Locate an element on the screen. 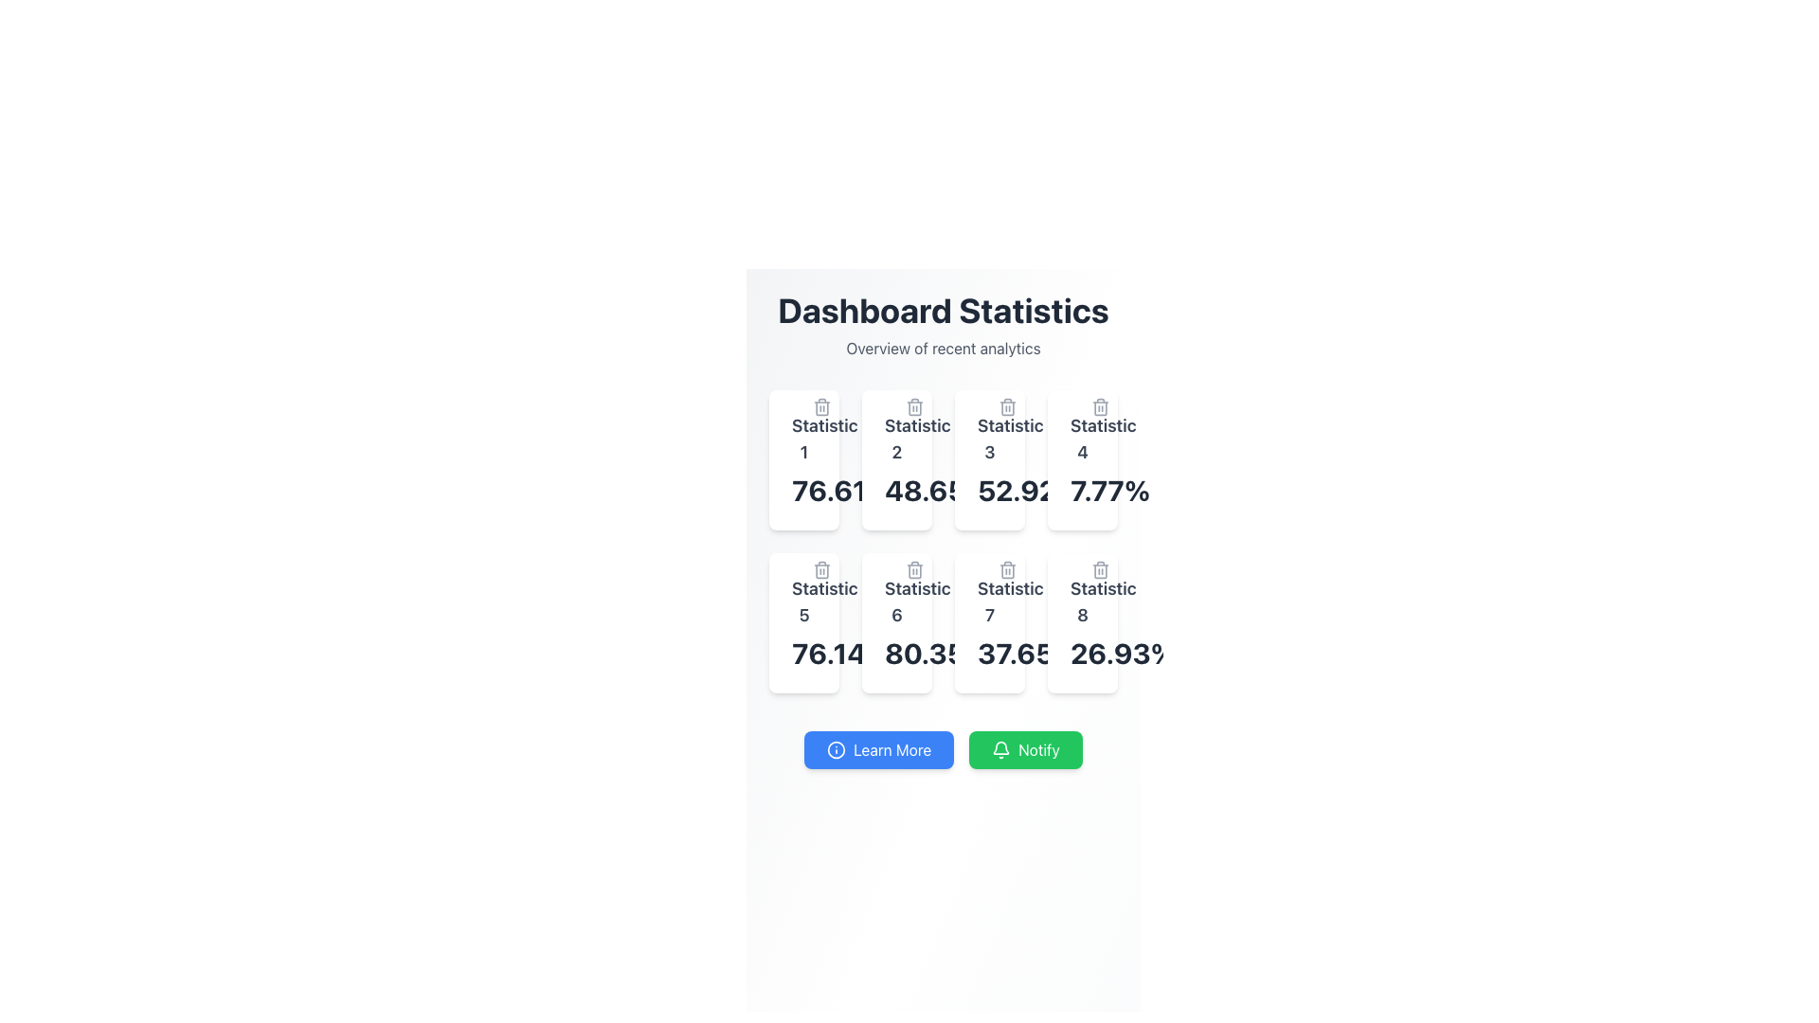  the 'Notify' button located at the bottom of the section, directly below the grid layout of statistics cards is located at coordinates (944, 748).